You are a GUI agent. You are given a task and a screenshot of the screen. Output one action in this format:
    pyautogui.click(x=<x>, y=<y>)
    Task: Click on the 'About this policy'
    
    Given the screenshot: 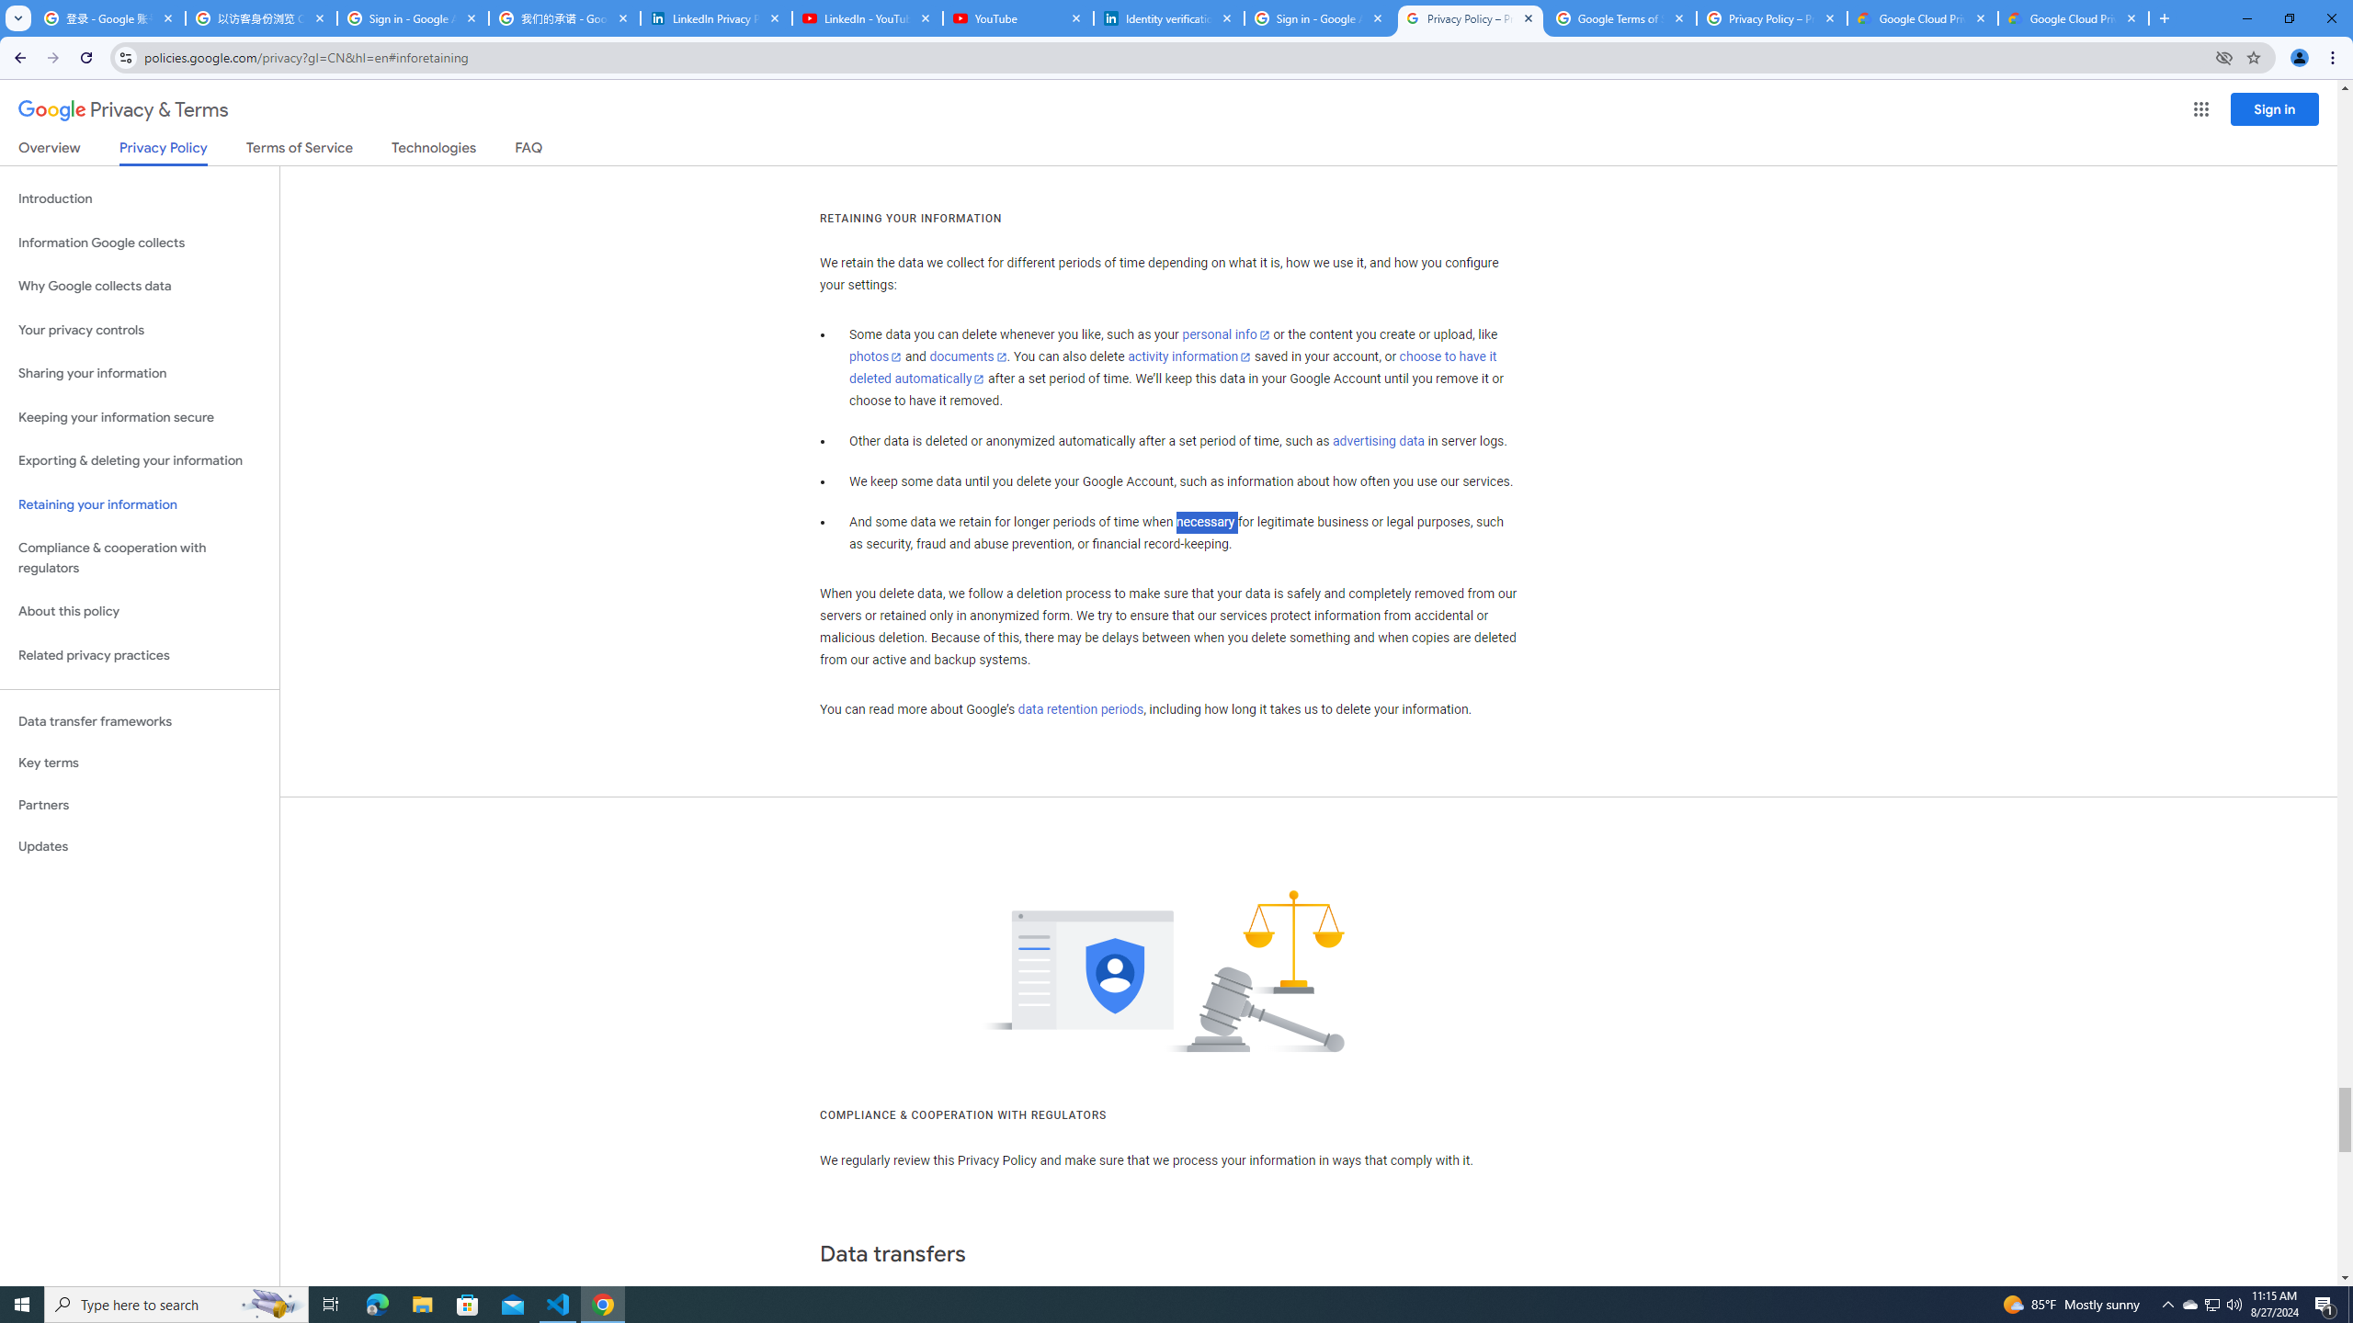 What is the action you would take?
    pyautogui.click(x=139, y=612)
    